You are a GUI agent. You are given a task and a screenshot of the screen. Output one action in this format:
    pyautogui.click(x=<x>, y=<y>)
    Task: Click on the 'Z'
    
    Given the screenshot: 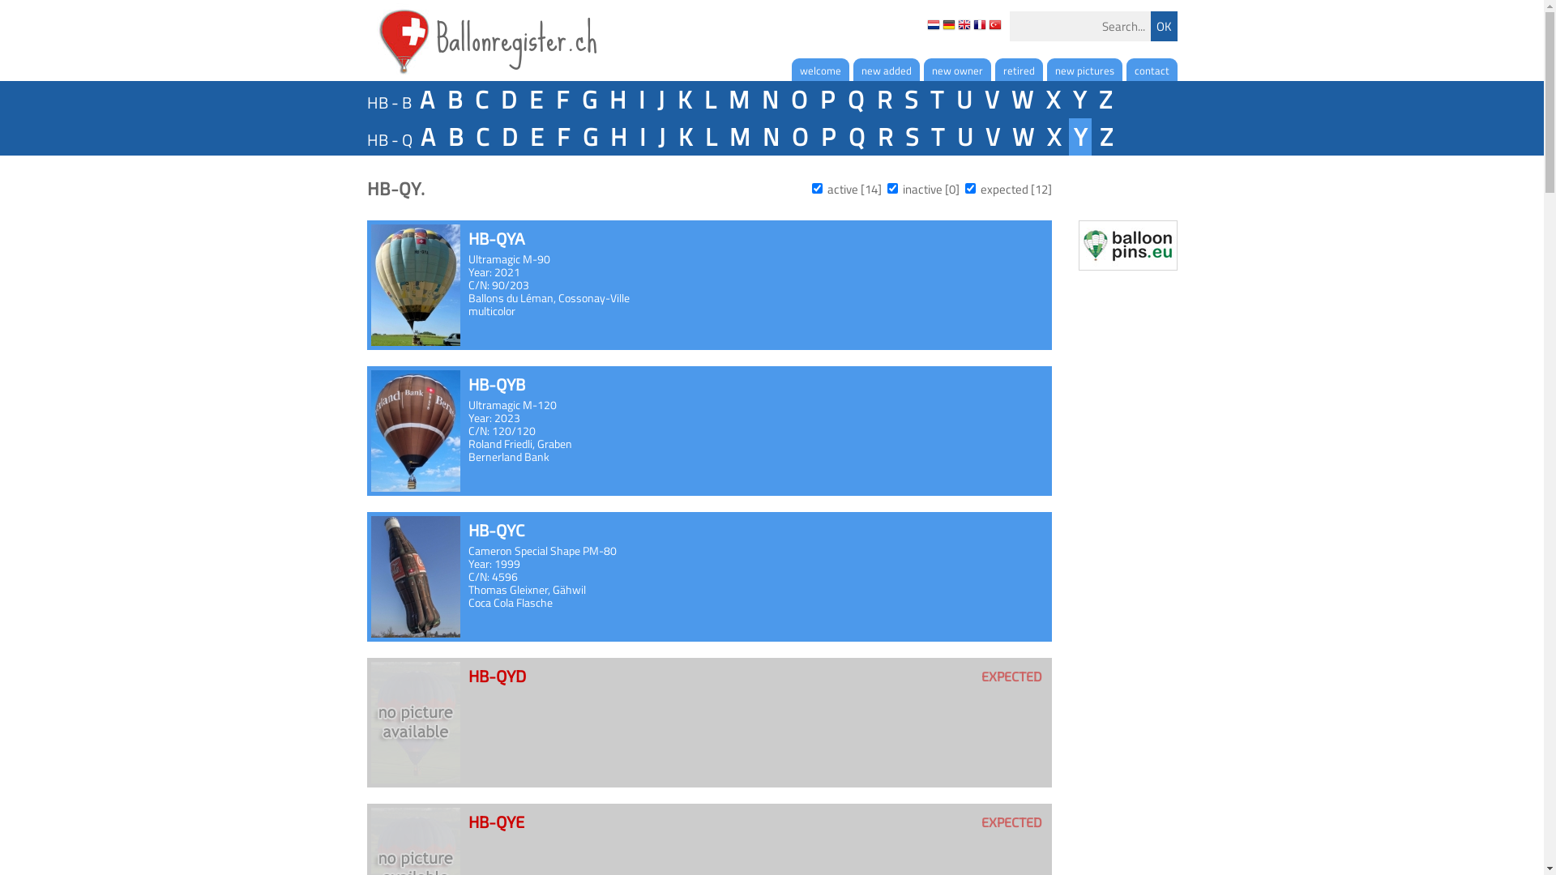 What is the action you would take?
    pyautogui.click(x=1104, y=136)
    